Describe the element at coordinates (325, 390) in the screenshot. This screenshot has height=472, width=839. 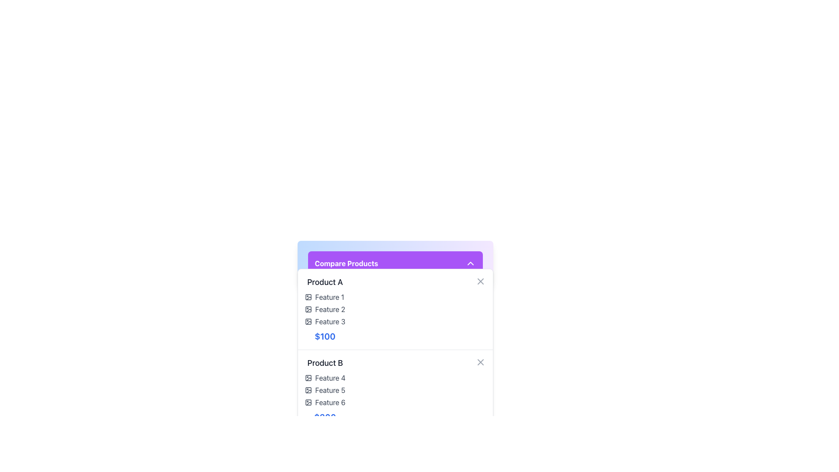
I see `the second feature element under the 'Product B' section in the product comparison interface` at that location.